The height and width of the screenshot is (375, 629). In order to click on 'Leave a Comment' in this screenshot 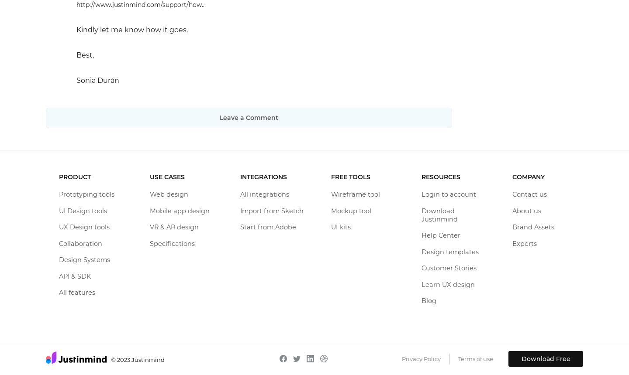, I will do `click(219, 117)`.